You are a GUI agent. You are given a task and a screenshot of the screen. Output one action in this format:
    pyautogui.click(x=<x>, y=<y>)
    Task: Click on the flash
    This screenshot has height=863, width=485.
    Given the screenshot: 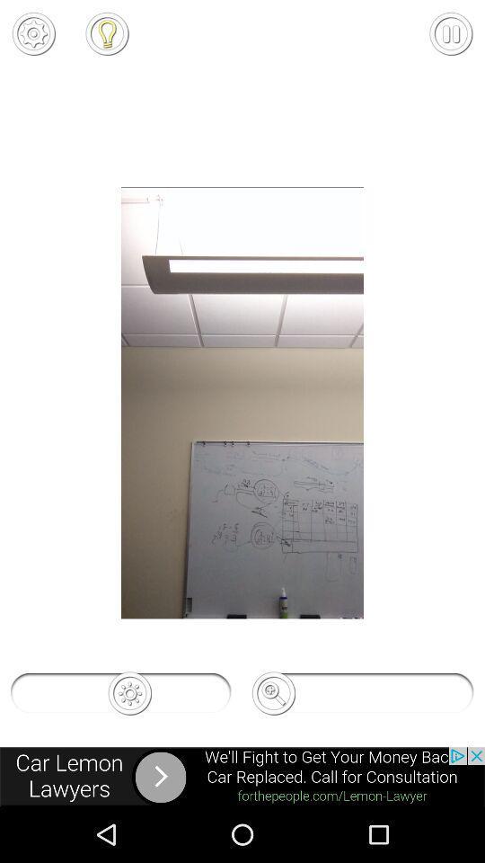 What is the action you would take?
    pyautogui.click(x=107, y=32)
    